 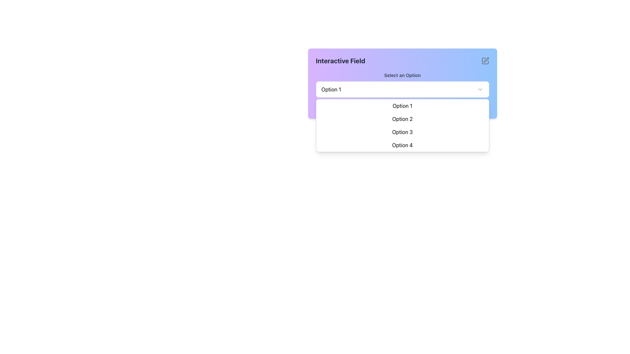 What do you see at coordinates (402, 107) in the screenshot?
I see `the displayed text in the Text Label that shows the currently chosen option from the dropdown menu located at the bottom of the card interface` at bounding box center [402, 107].